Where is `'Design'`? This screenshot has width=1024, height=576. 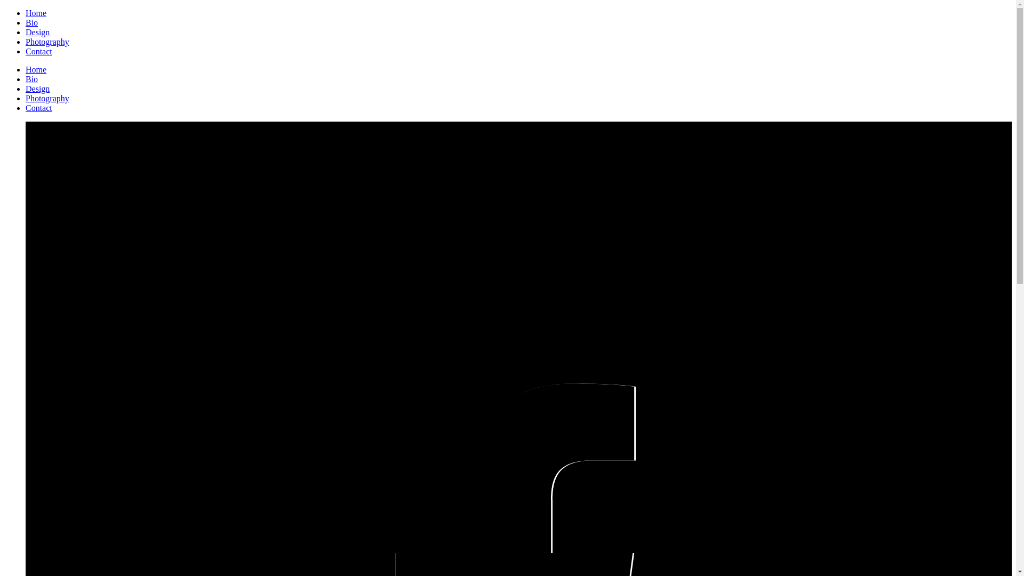
'Design' is located at coordinates (37, 31).